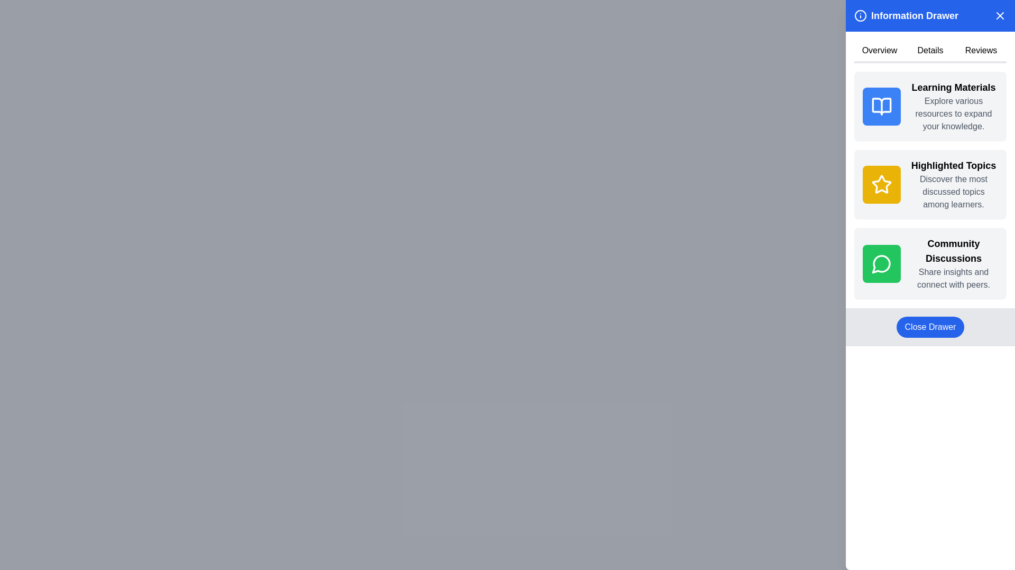  Describe the element at coordinates (930, 106) in the screenshot. I see `the 'Learning Materials' card, which is a rectangular box with a rounded corner background in light gray and contains a bold black title text and a blue square with an open book icon on the left` at that location.